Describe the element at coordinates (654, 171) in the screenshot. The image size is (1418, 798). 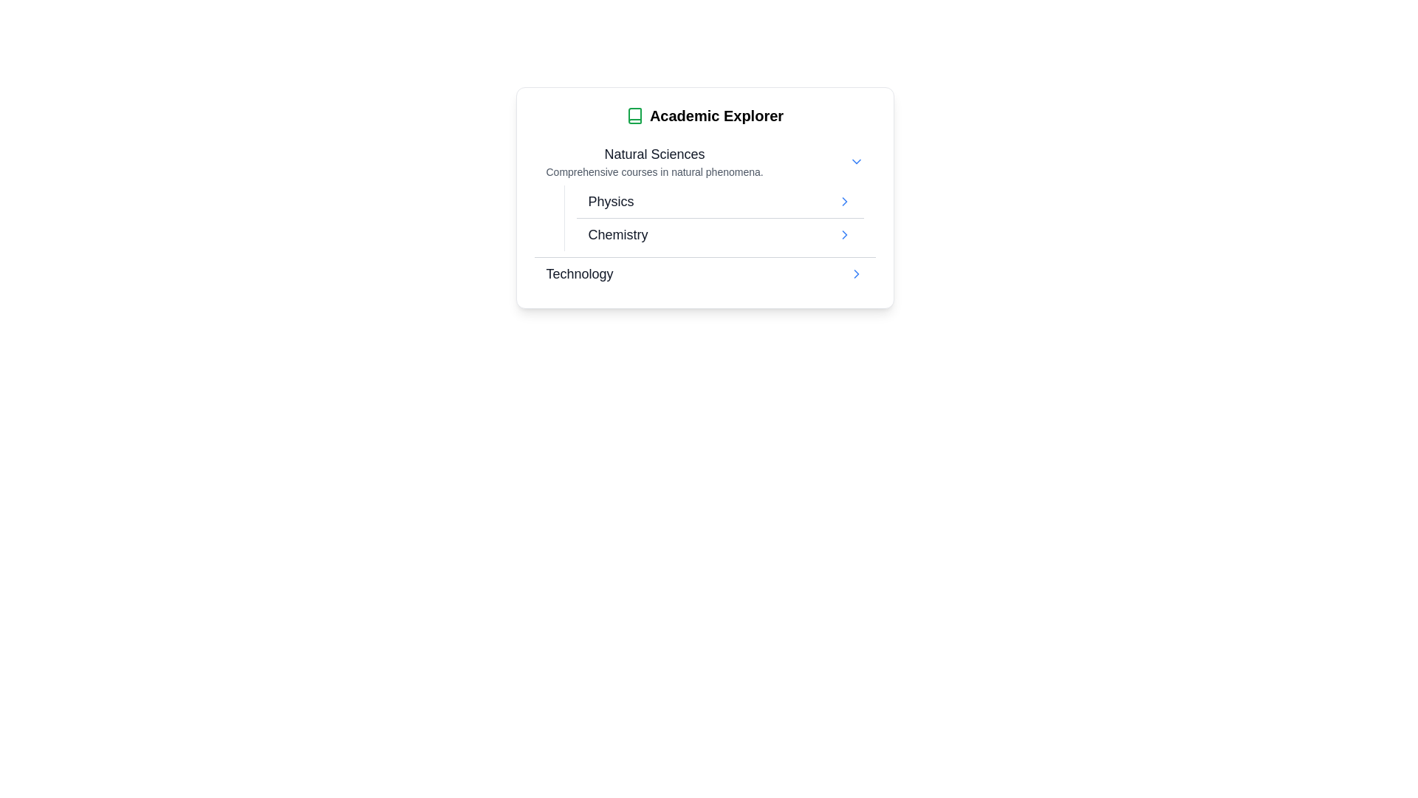
I see `the descriptive subtitle text label providing supplementary information about the 'Natural Sciences' category, located directly below the title text 'Natural Sciences'` at that location.